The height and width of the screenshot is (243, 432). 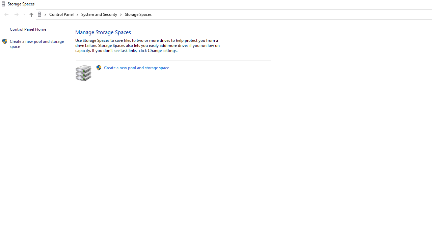 I want to click on 'Up band toolbar', so click(x=31, y=15).